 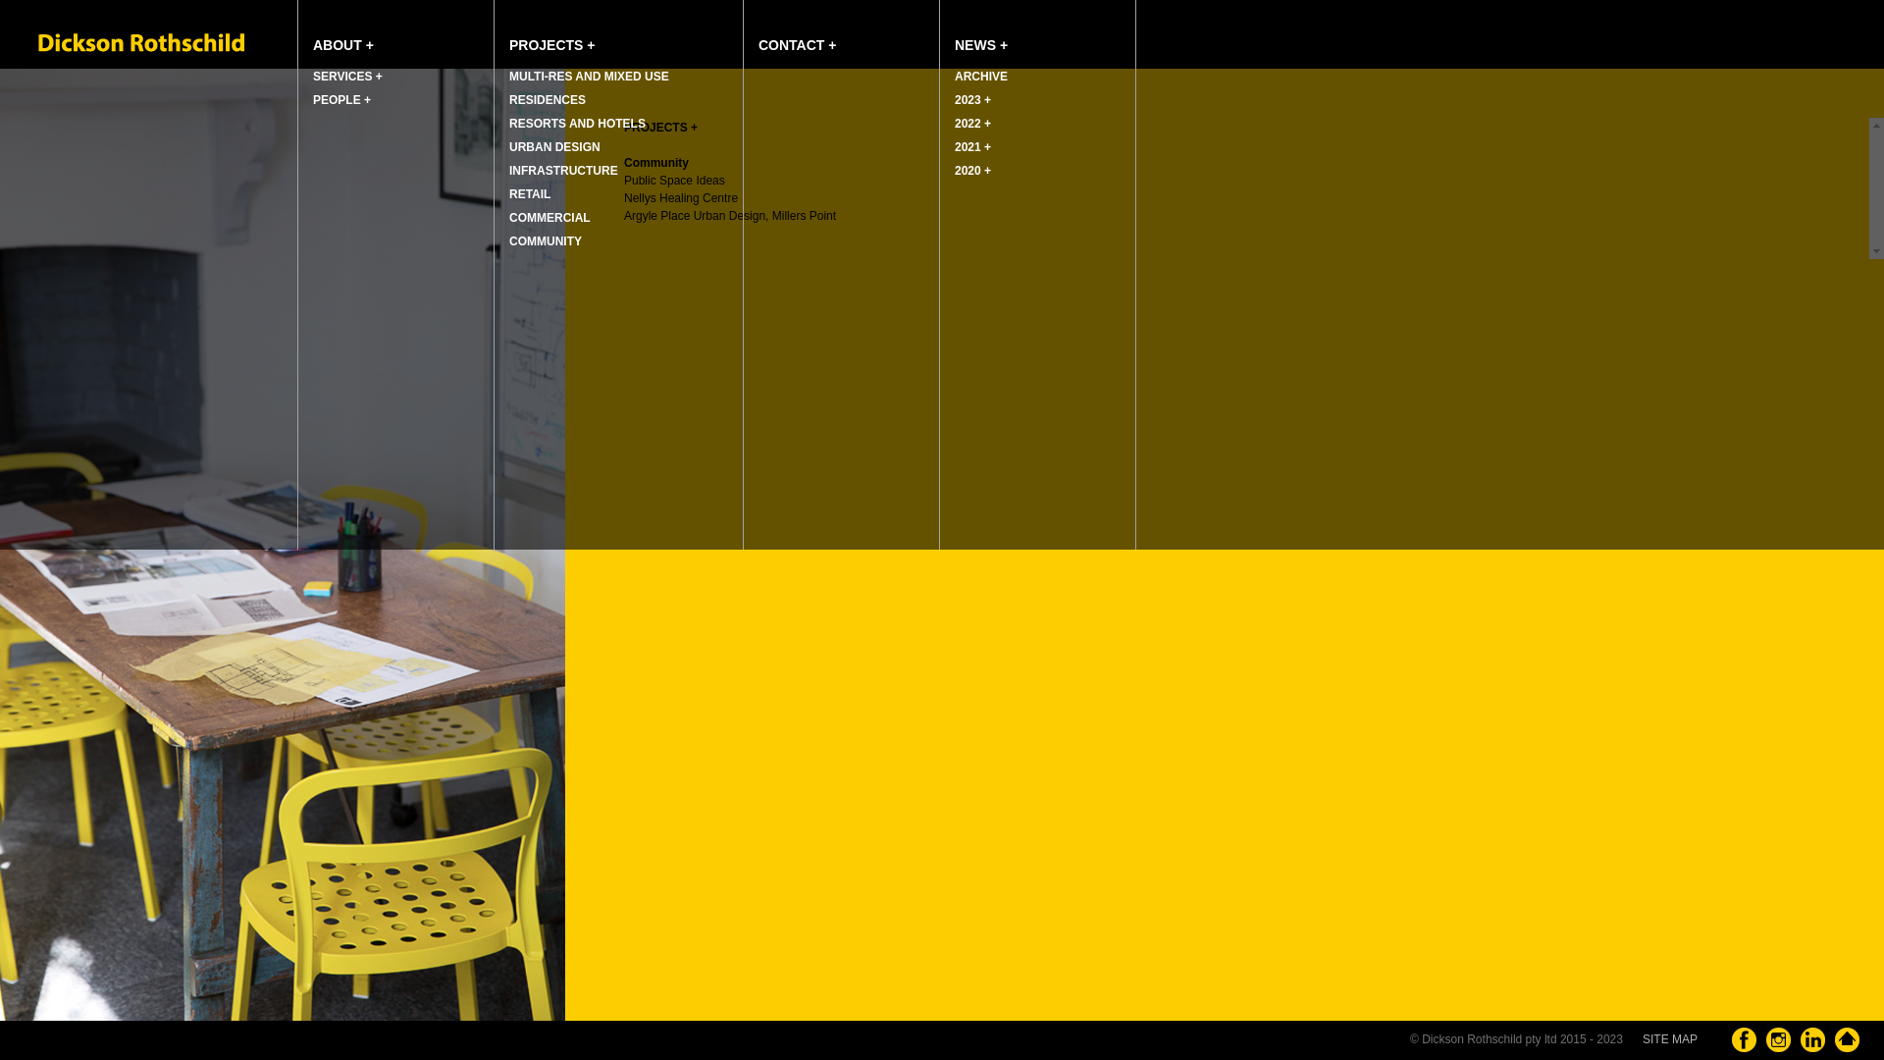 What do you see at coordinates (1036, 146) in the screenshot?
I see `'2021 +'` at bounding box center [1036, 146].